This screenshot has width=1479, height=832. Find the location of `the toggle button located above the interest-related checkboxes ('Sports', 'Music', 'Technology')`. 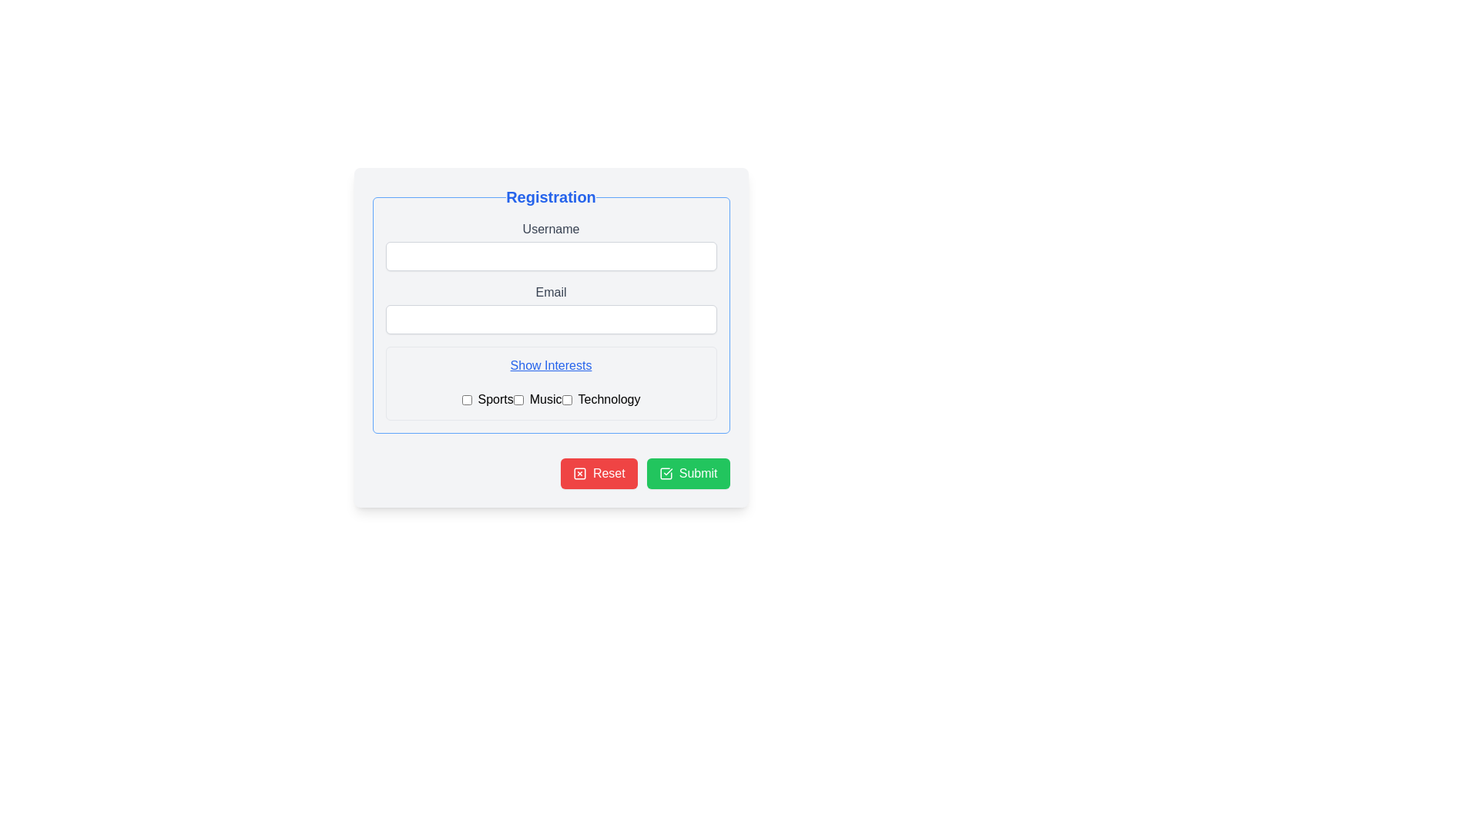

the toggle button located above the interest-related checkboxes ('Sports', 'Music', 'Technology') is located at coordinates (551, 365).